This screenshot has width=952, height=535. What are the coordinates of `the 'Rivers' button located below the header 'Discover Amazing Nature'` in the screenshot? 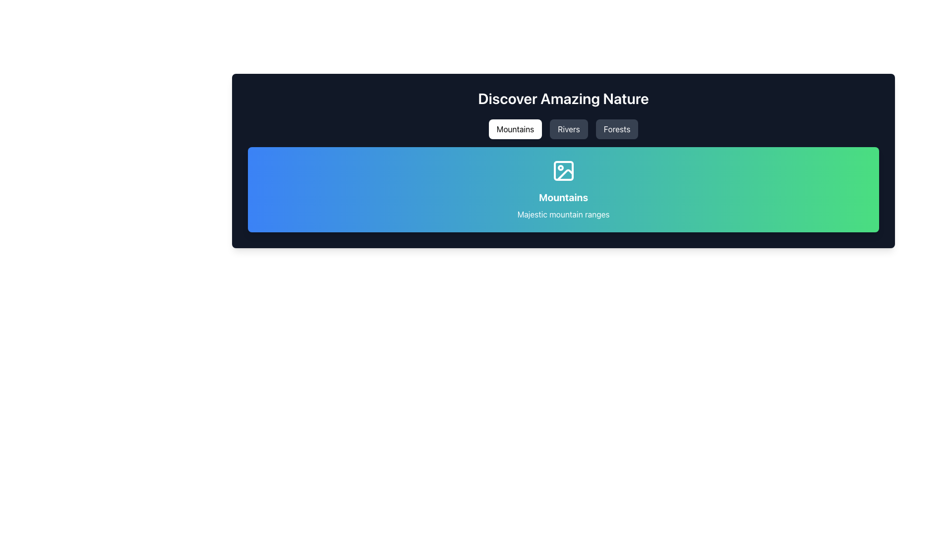 It's located at (569, 129).